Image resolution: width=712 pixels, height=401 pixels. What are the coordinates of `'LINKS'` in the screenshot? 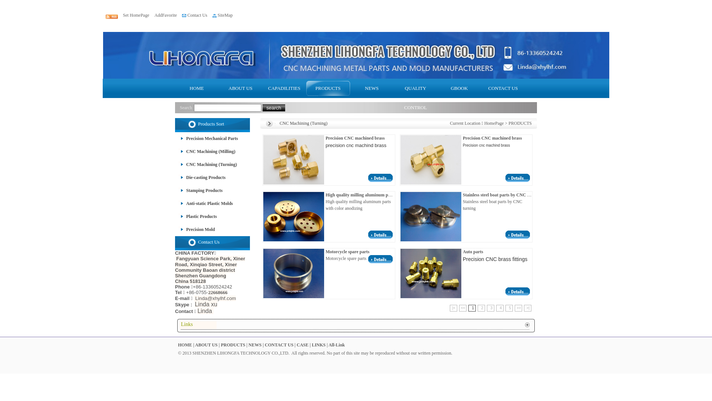 It's located at (319, 345).